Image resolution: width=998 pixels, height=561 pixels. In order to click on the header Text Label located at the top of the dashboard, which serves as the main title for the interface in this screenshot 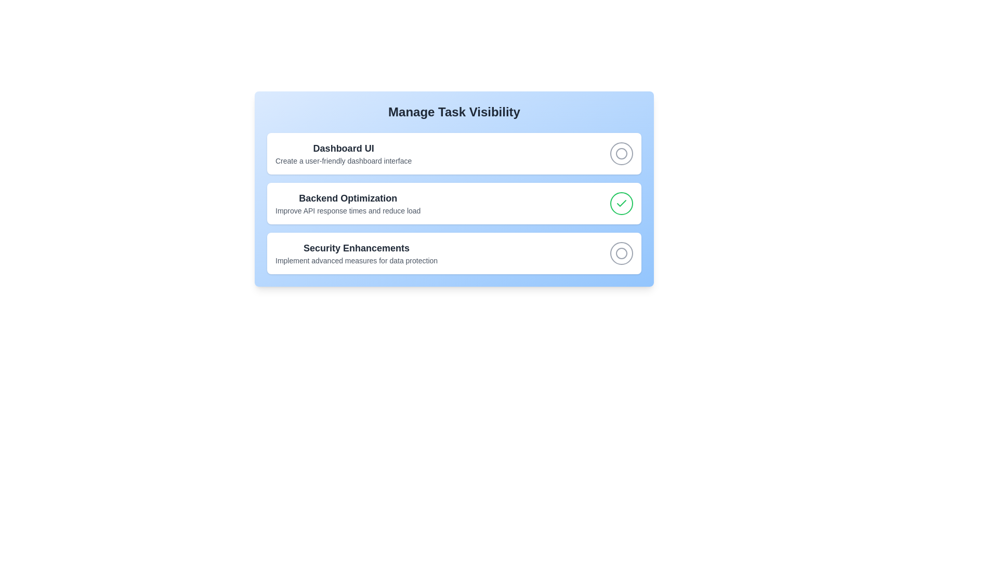, I will do `click(454, 112)`.